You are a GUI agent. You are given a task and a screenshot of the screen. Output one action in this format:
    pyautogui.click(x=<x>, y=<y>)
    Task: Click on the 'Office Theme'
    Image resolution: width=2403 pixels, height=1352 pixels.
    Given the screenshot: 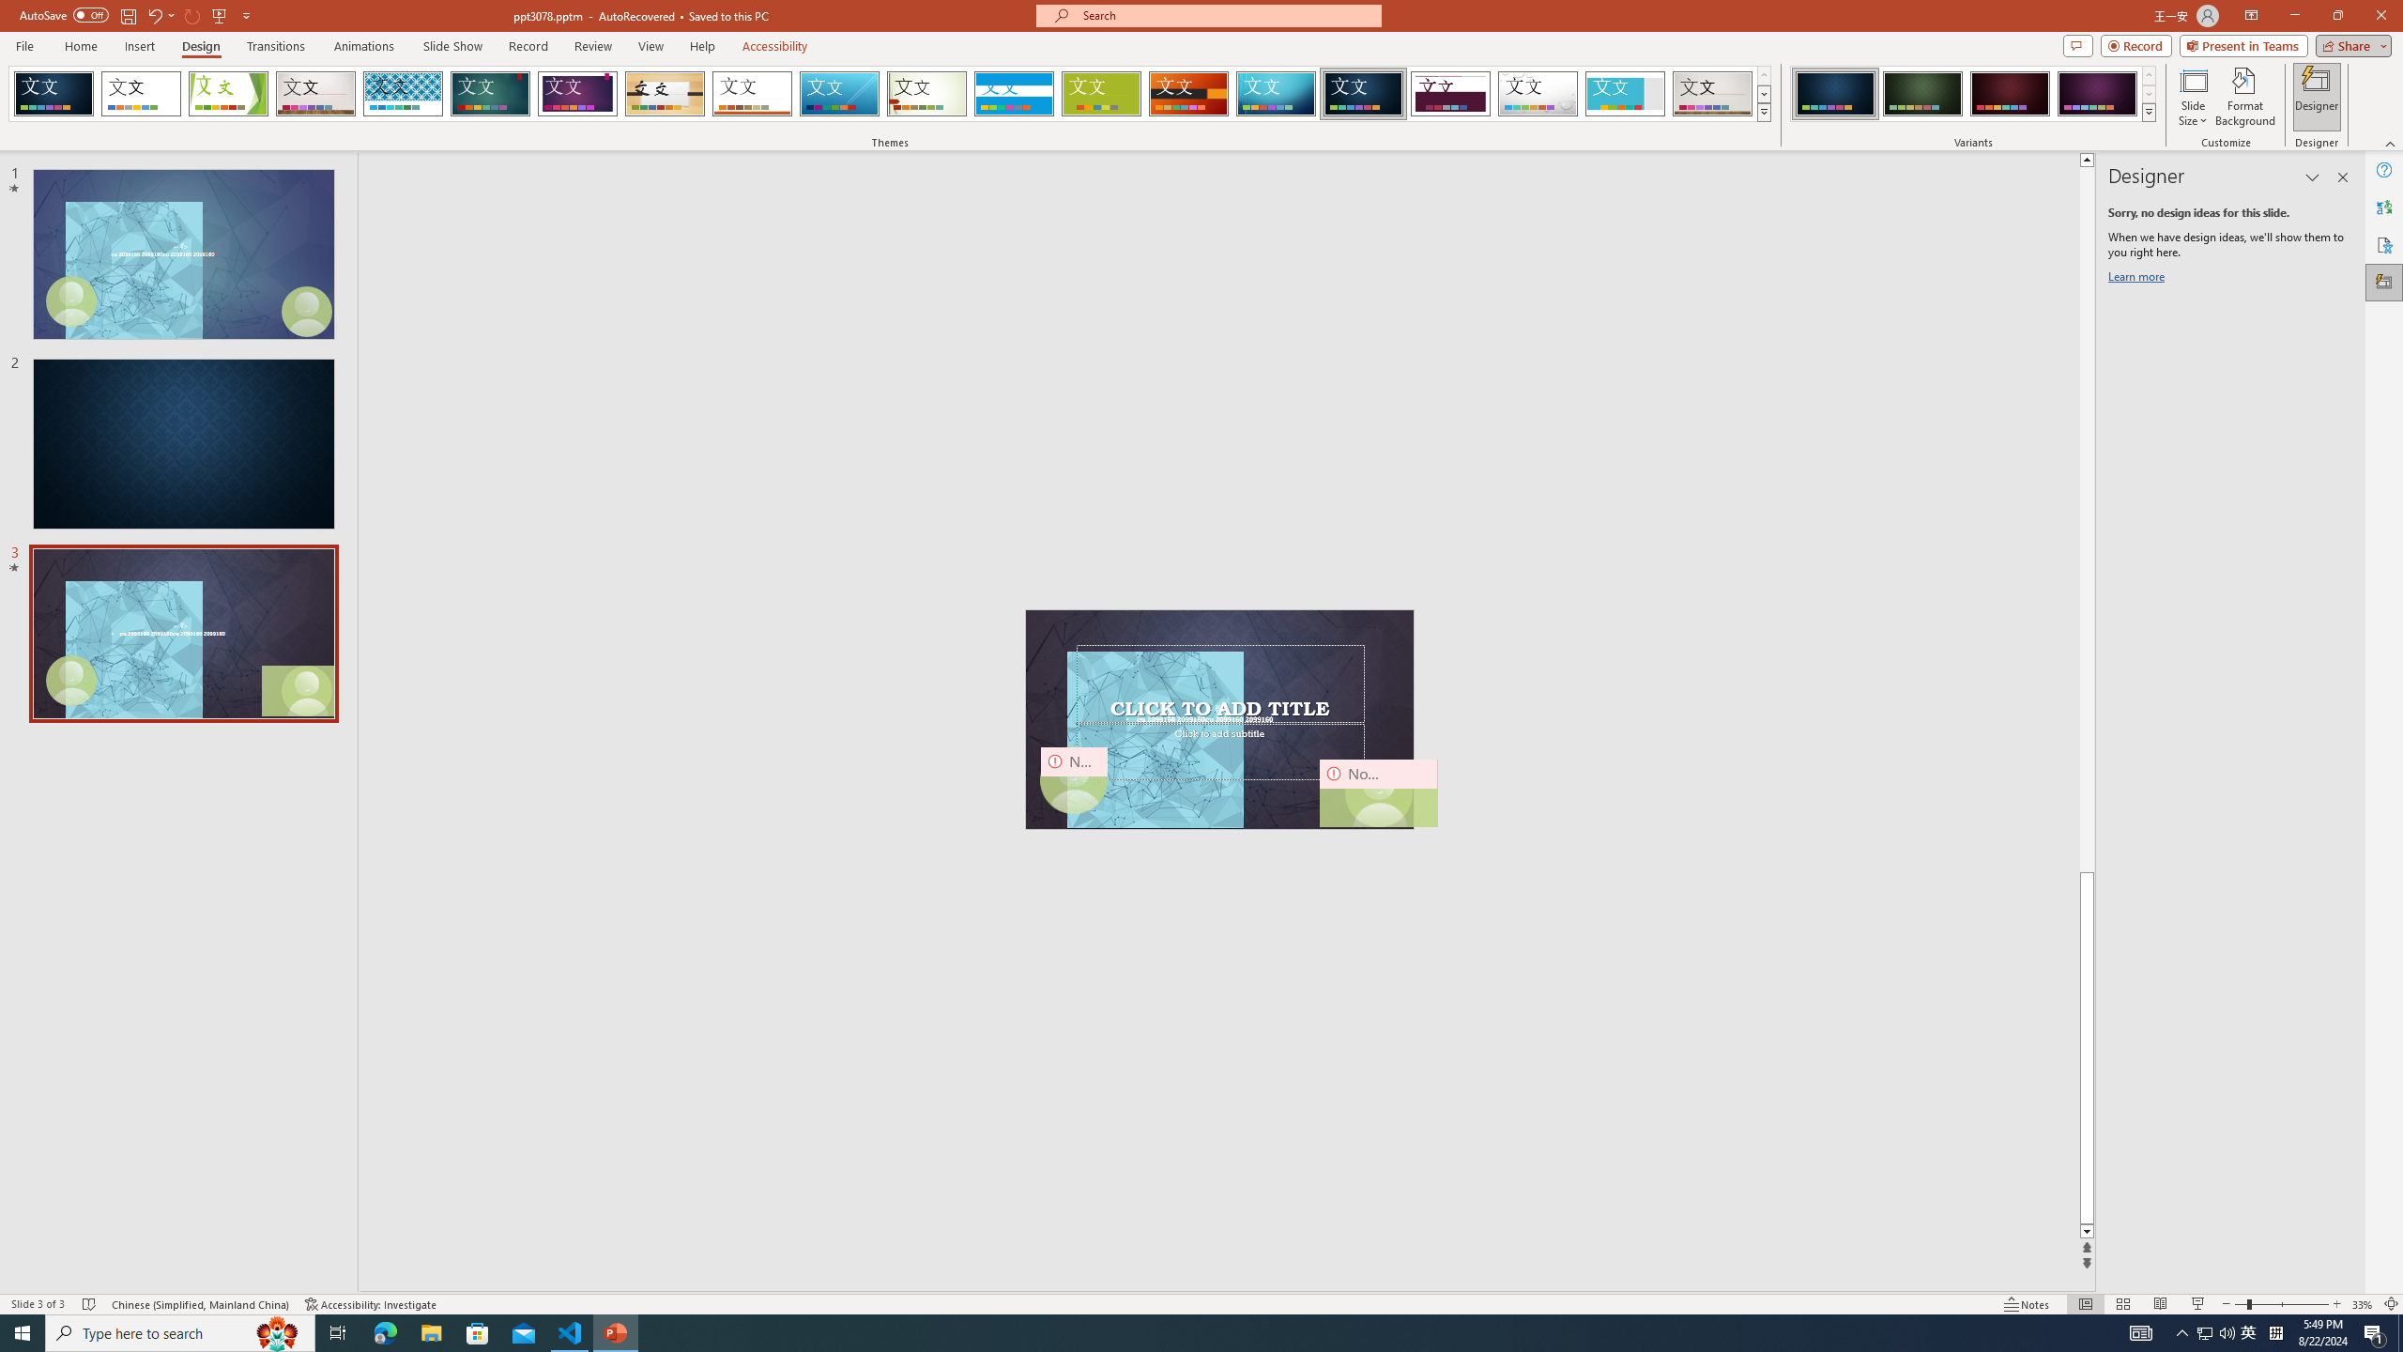 What is the action you would take?
    pyautogui.click(x=141, y=93)
    